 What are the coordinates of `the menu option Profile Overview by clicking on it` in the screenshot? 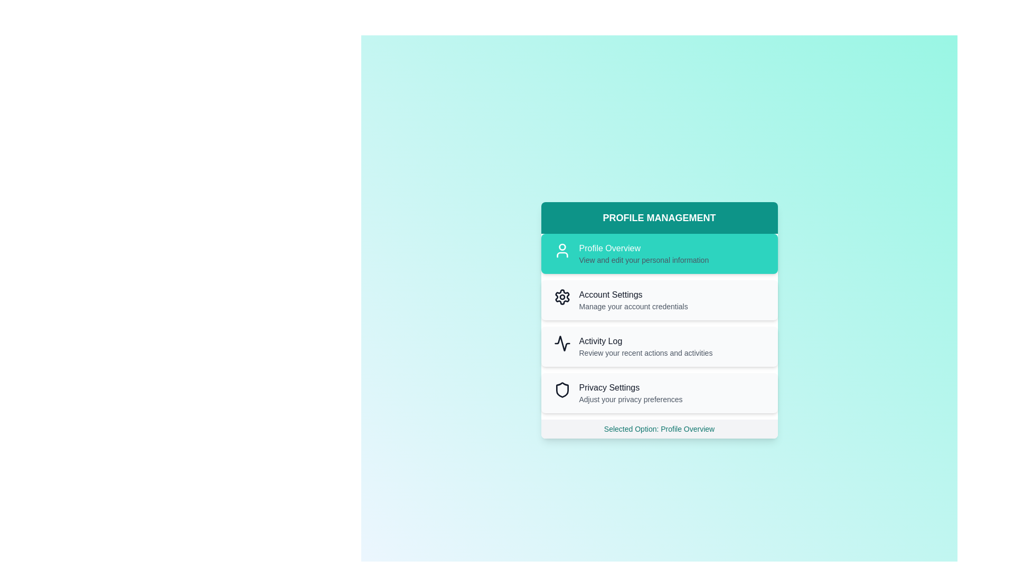 It's located at (659, 254).